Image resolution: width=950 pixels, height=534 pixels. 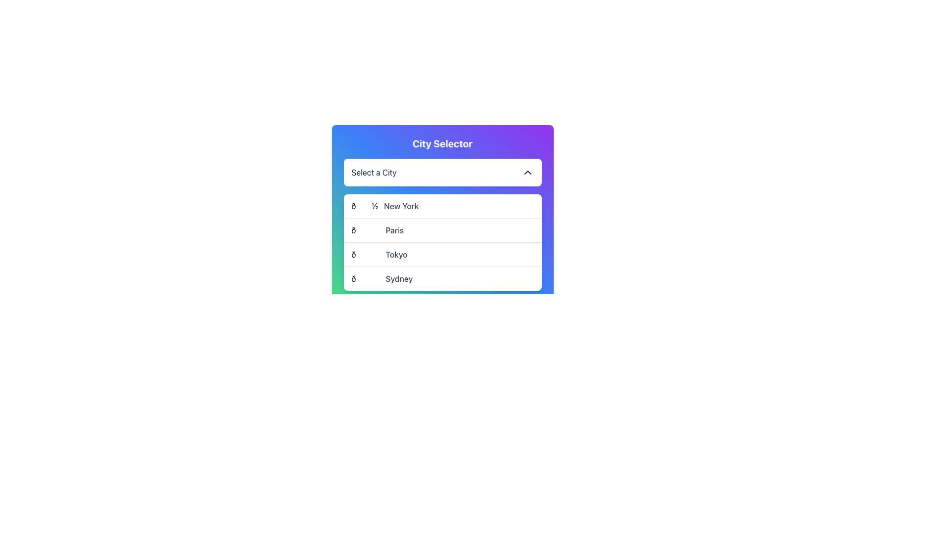 What do you see at coordinates (442, 172) in the screenshot?
I see `the dropdown menu trigger located under the 'City Selector' title` at bounding box center [442, 172].